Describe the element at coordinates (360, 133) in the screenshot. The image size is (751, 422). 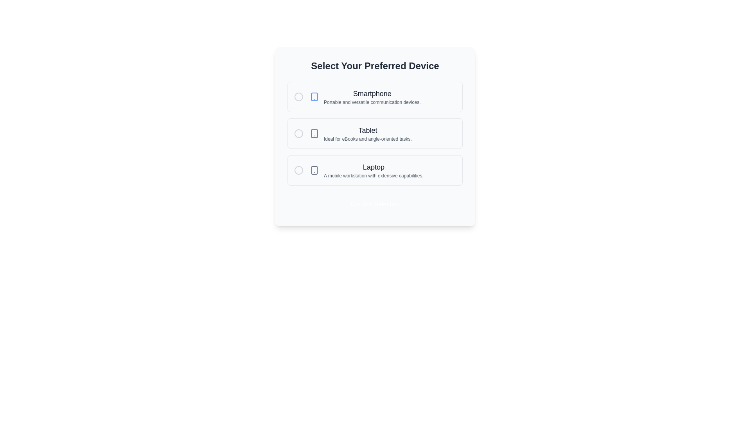
I see `the selection option item for the tablet in the vertical list titled 'Select Your Preferred Device'` at that location.